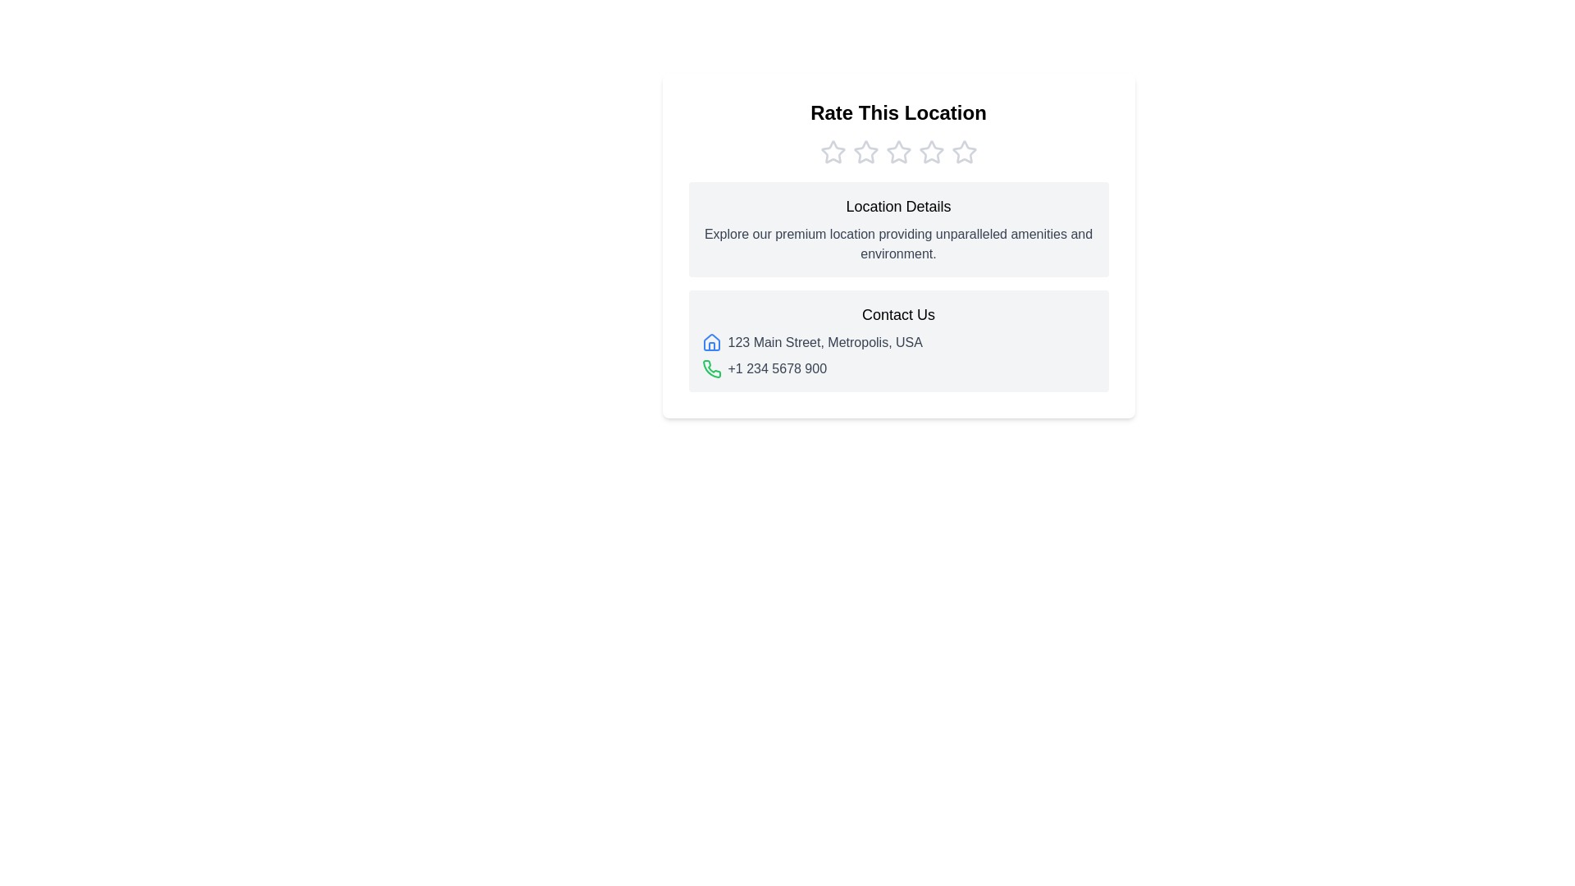 This screenshot has height=886, width=1575. I want to click on keyboard navigation, so click(964, 152).